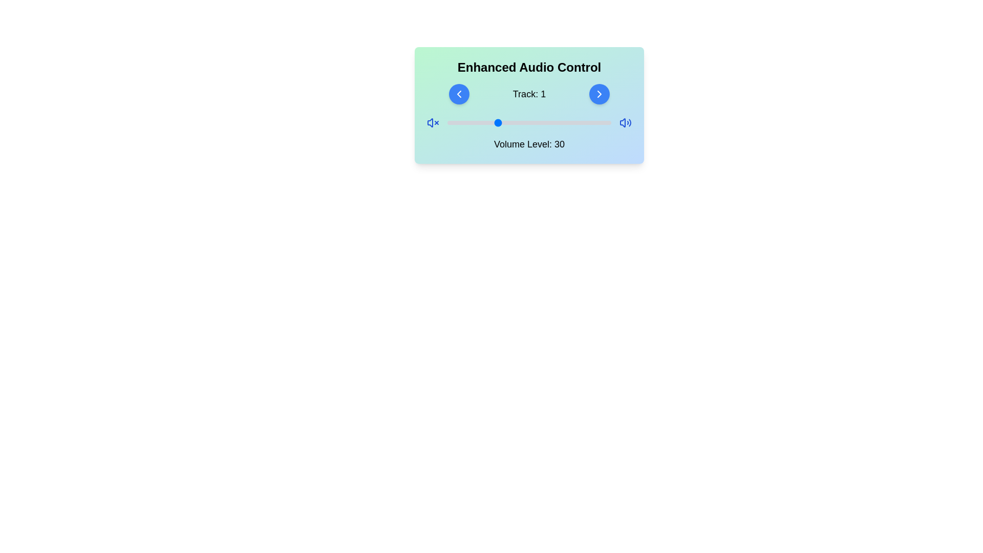 Image resolution: width=983 pixels, height=553 pixels. What do you see at coordinates (518, 122) in the screenshot?
I see `the volume slider to set the volume to 43%` at bounding box center [518, 122].